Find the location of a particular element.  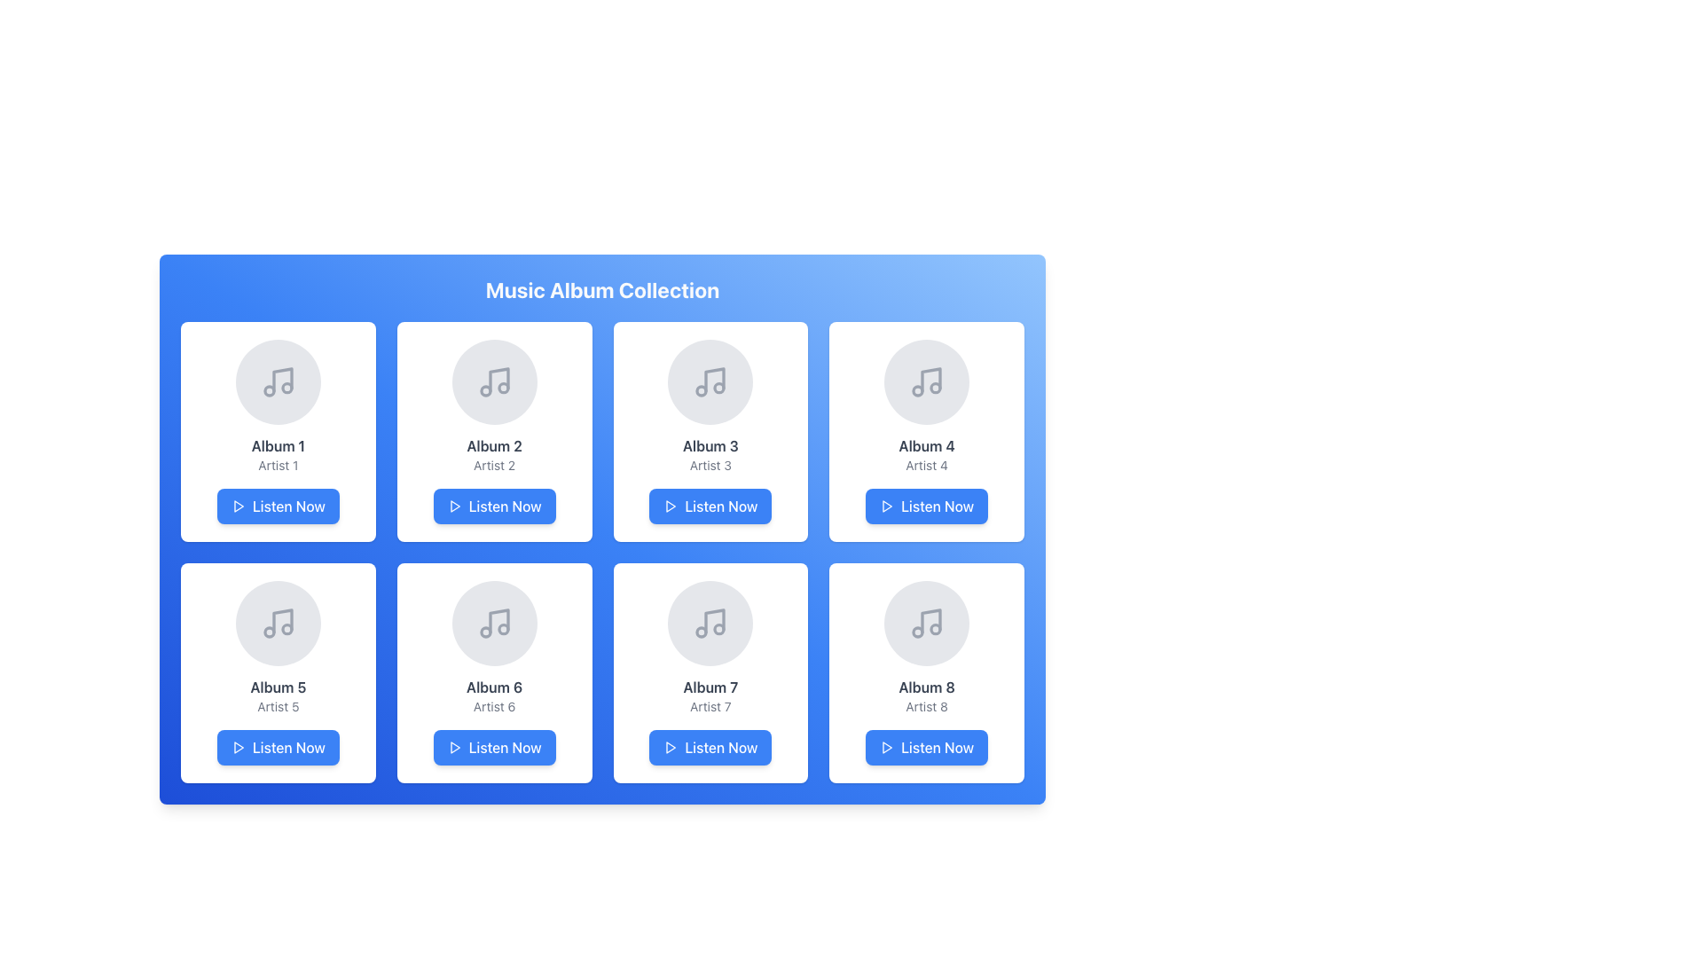

the text label displaying the title 'Album 7' located at the top of the seventh card in the grid layout is located at coordinates (710, 687).